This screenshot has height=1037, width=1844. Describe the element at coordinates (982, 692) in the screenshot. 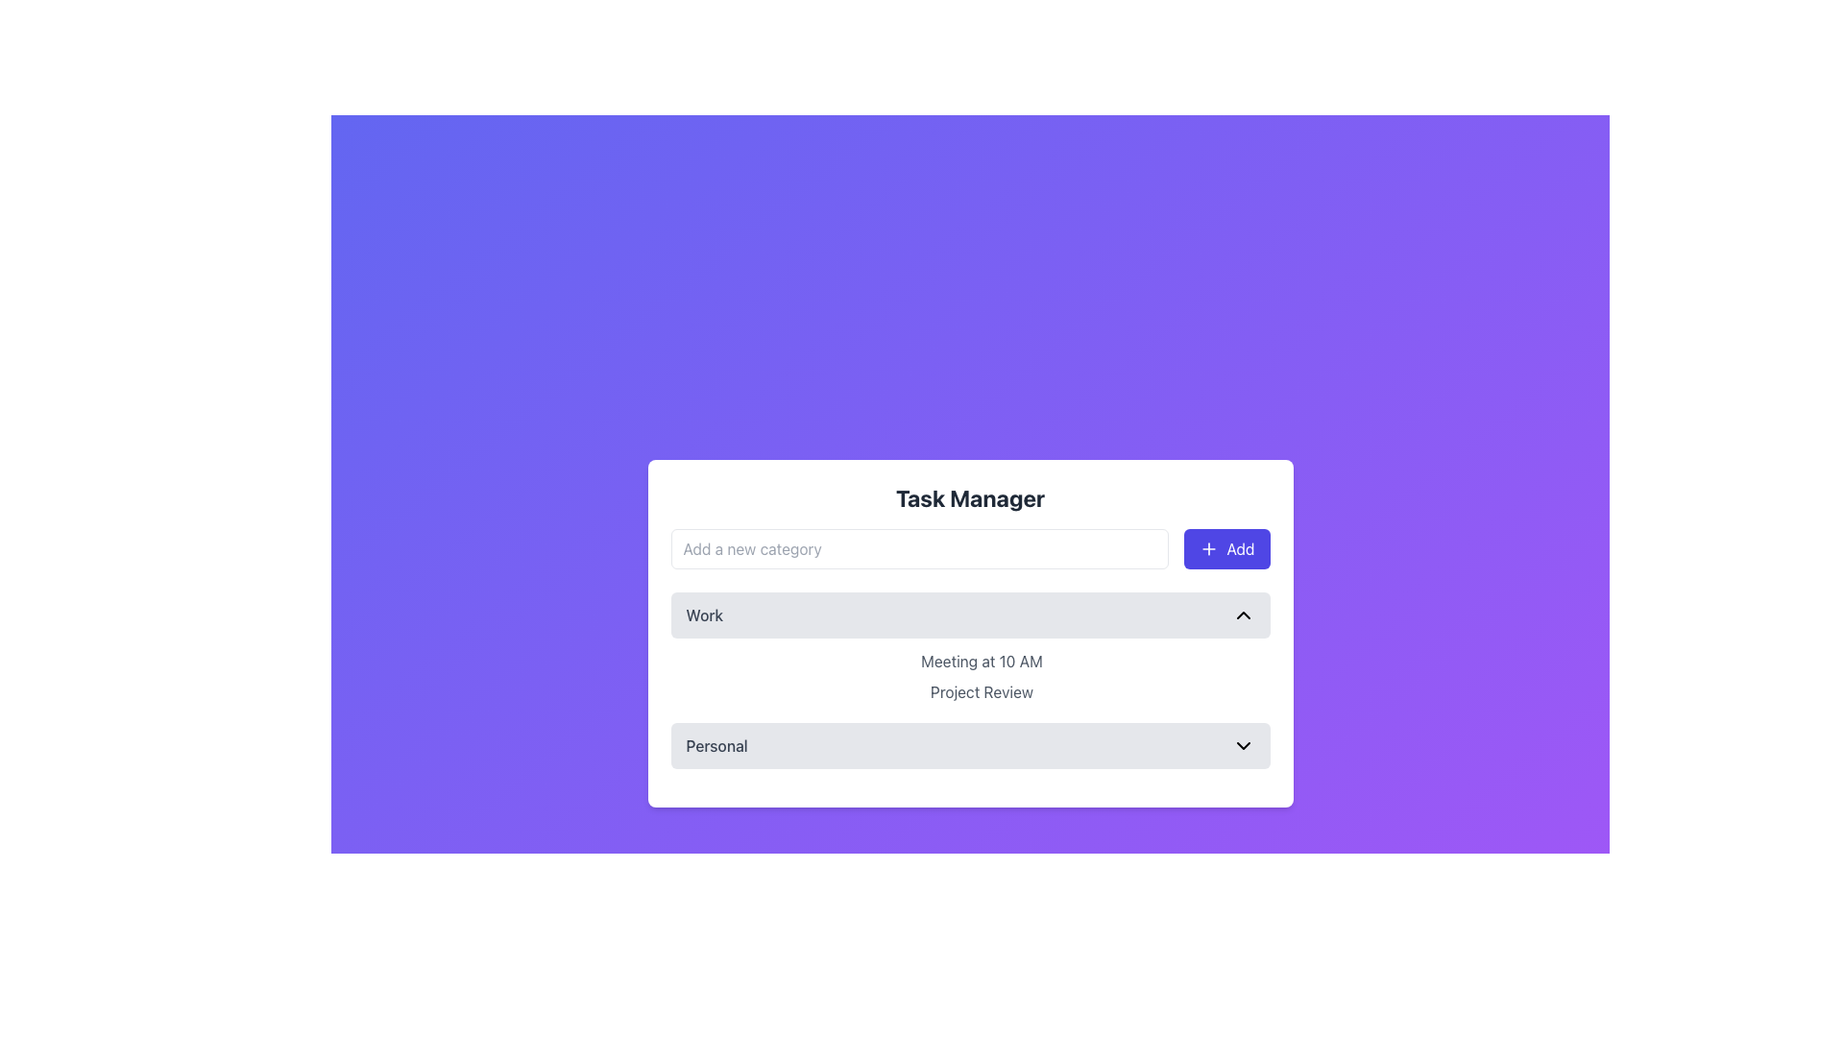

I see `the 'Project Review' text label which is centrally aligned beneath the 'Meeting at 10 AM' text, within the white subsection labeled 'Work'` at that location.